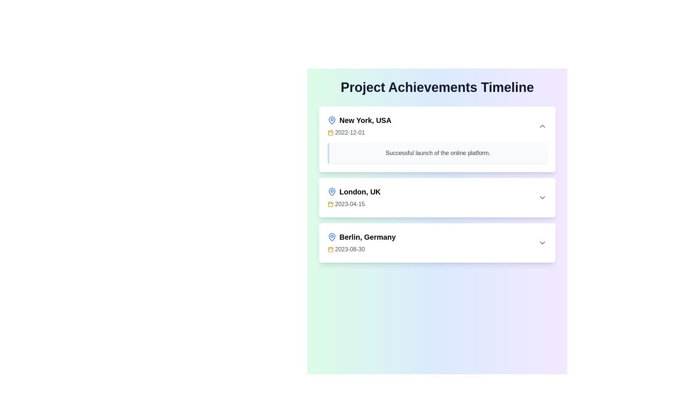 The image size is (700, 394). I want to click on the Text Label with Icon displaying the location 'Berlin, Germany' for more information, so click(362, 237).